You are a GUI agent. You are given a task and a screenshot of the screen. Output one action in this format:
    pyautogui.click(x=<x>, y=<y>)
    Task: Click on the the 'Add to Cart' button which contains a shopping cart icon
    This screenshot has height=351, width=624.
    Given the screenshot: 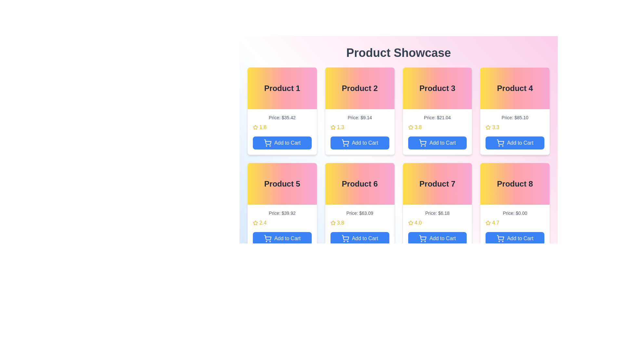 What is the action you would take?
    pyautogui.click(x=267, y=142)
    